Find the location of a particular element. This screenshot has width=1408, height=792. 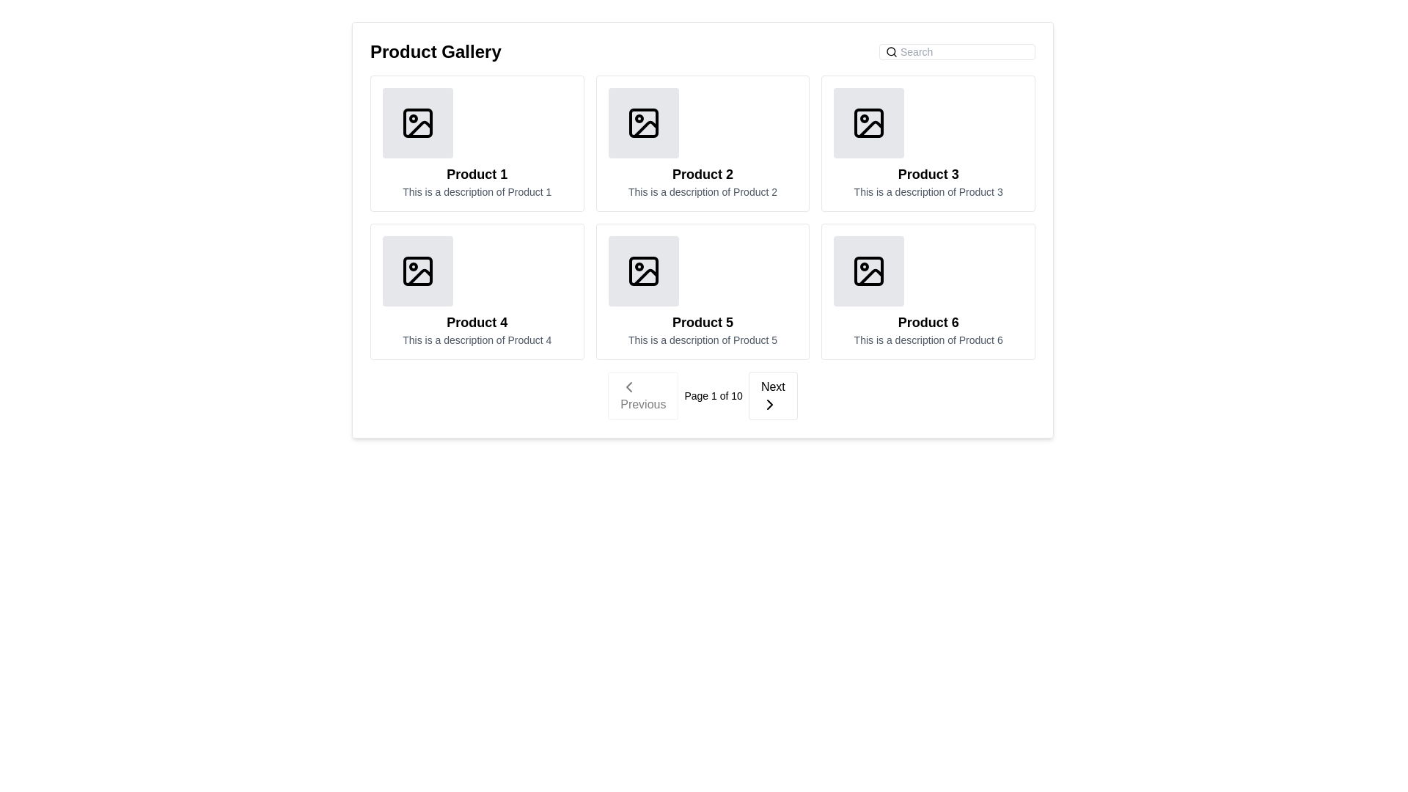

text displayed in the text block that says 'This is a description of Product 1', located below the title 'Product 1' in the first product card is located at coordinates (477, 191).